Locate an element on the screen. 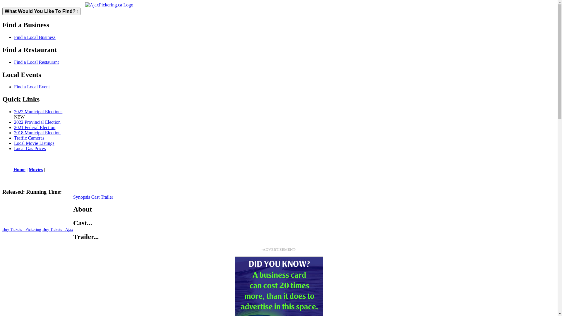 The height and width of the screenshot is (316, 562). '2018 Municipal Election' is located at coordinates (37, 133).